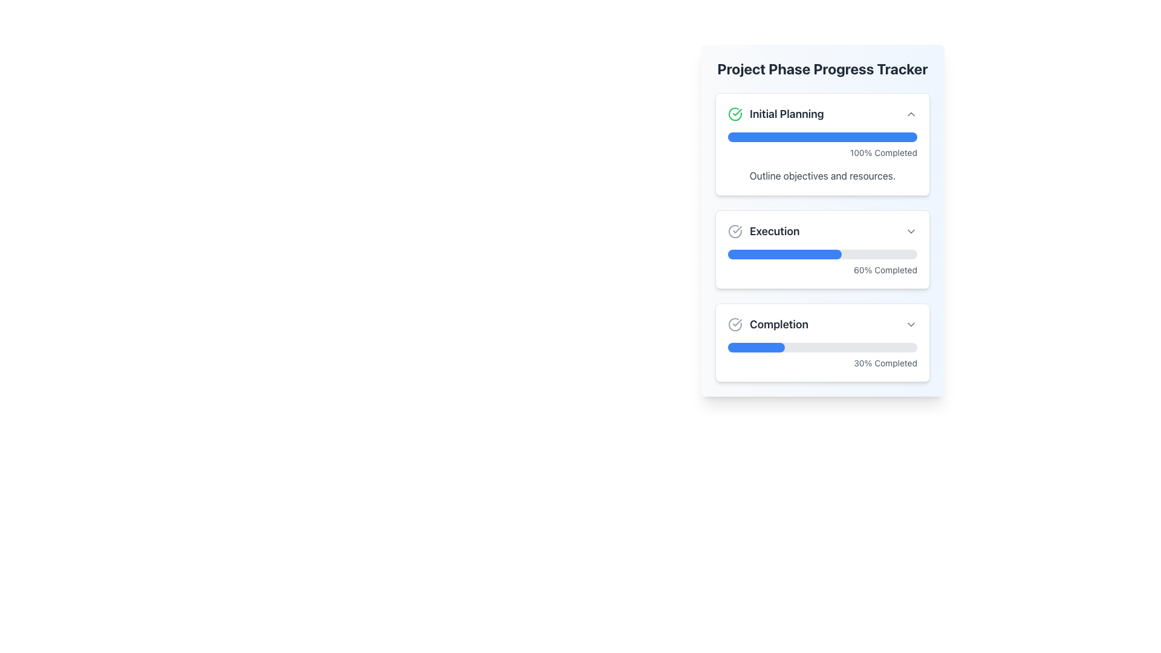 The image size is (1161, 653). What do you see at coordinates (822, 343) in the screenshot?
I see `progress information displayed on the third Progress Tracker Card located at the bottom of the 'Project Phase Progress Tracker' section` at bounding box center [822, 343].